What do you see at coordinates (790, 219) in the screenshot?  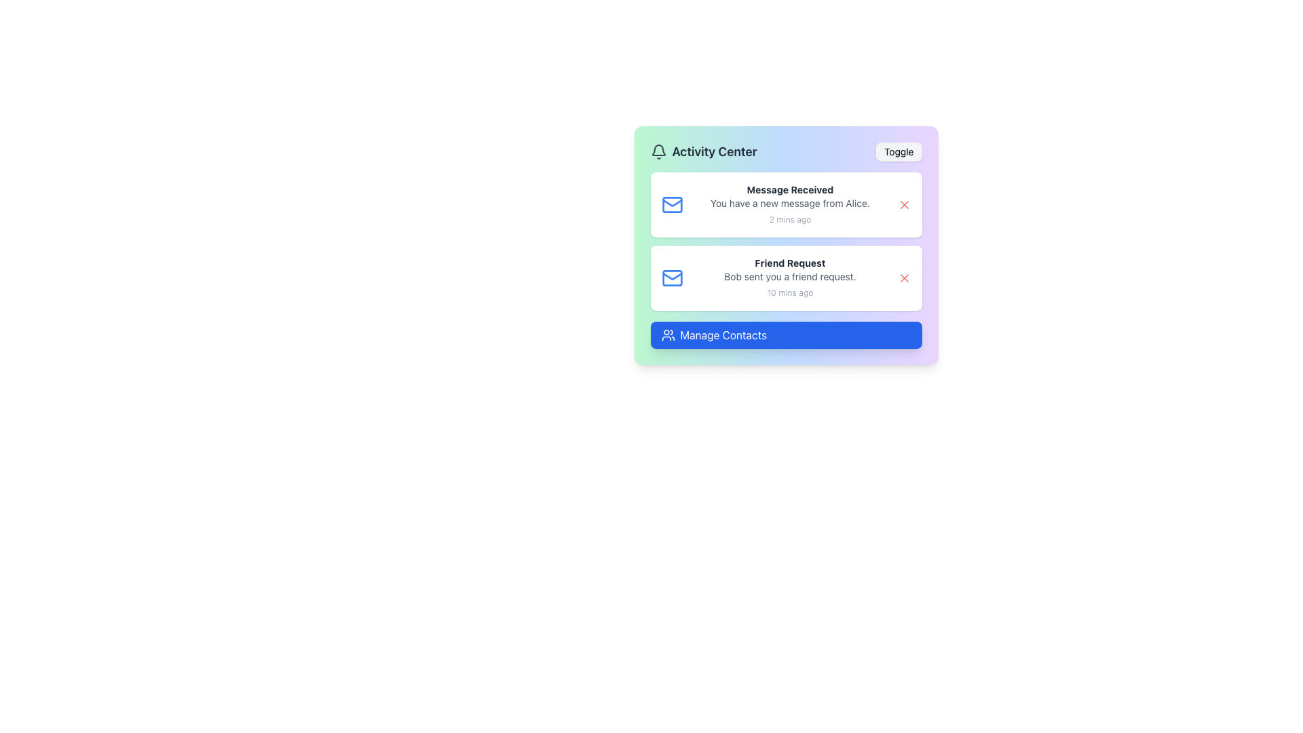 I see `the text label displaying '2 mins ago' in a small gray font located in the bottom-right corner of the notification card in the 'Activity Center' section` at bounding box center [790, 219].